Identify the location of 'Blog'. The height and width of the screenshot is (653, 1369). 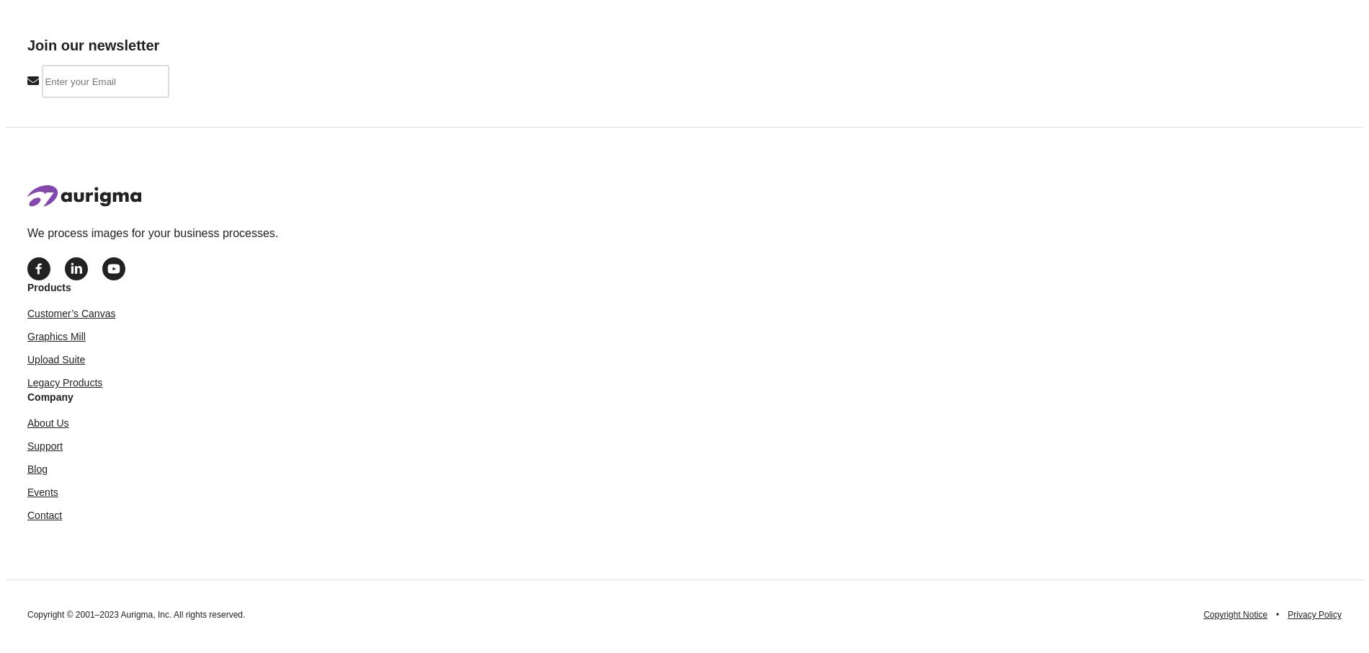
(37, 468).